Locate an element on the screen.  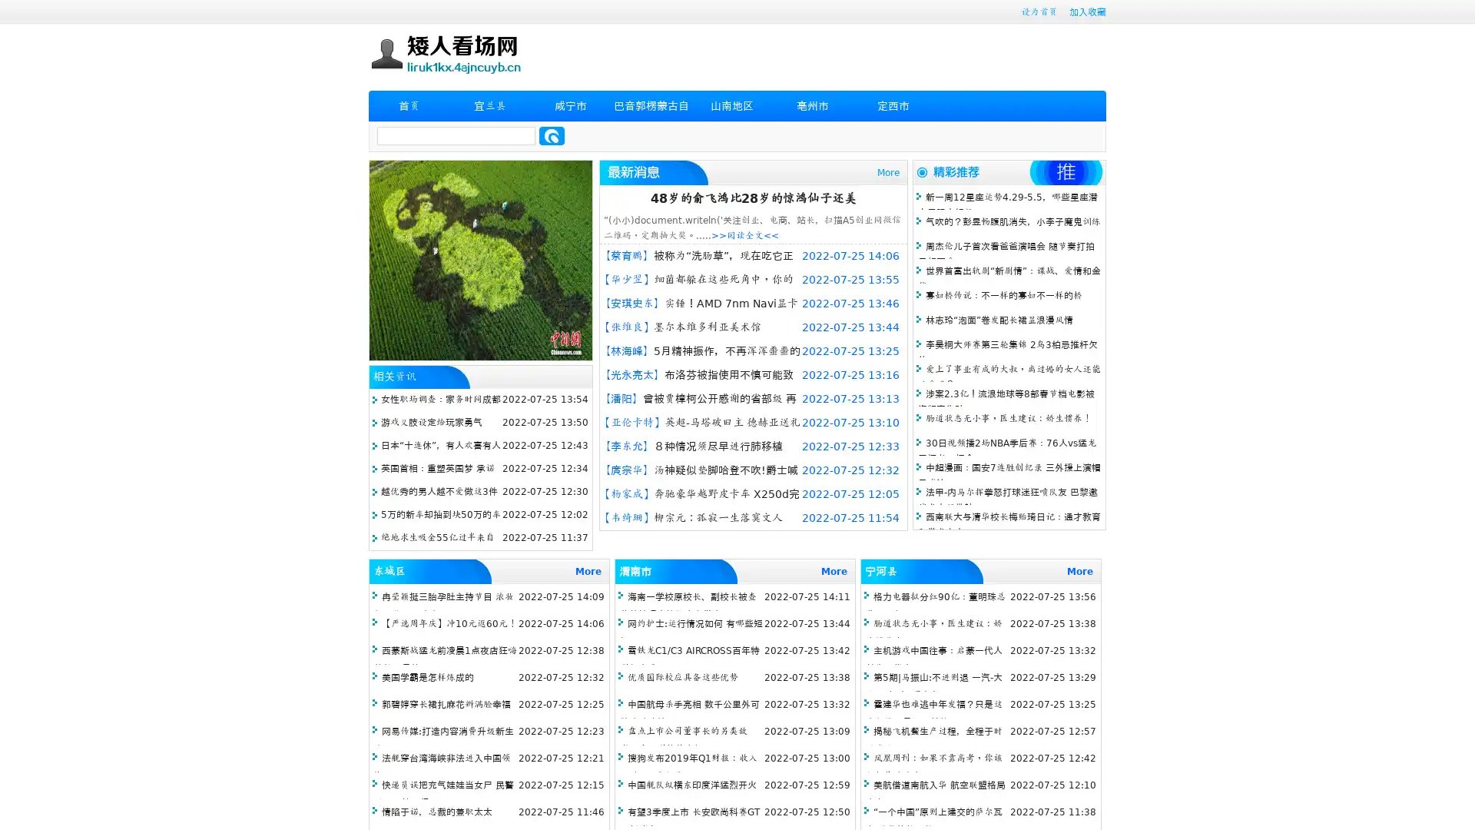
Search is located at coordinates (552, 135).